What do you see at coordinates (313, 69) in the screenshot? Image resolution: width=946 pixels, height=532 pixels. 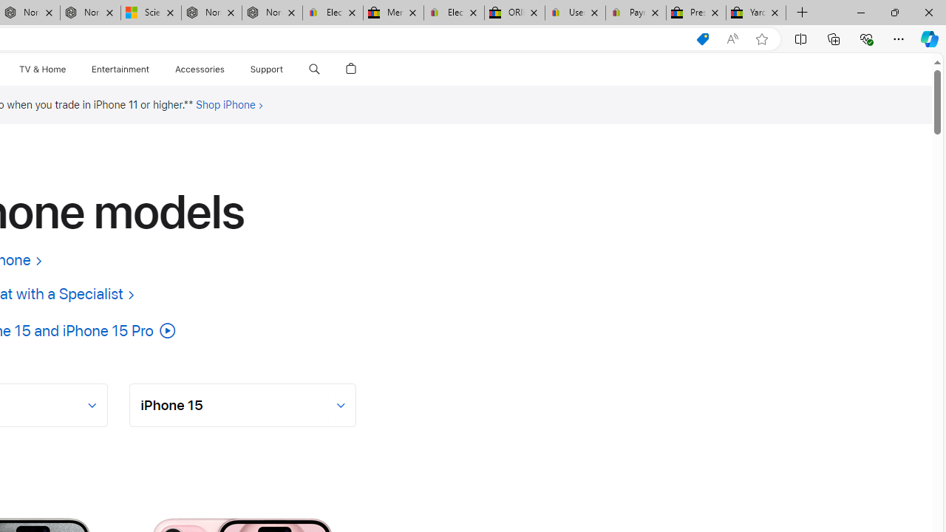 I see `'Class: globalnav-item globalnav-search shift-0-1'` at bounding box center [313, 69].